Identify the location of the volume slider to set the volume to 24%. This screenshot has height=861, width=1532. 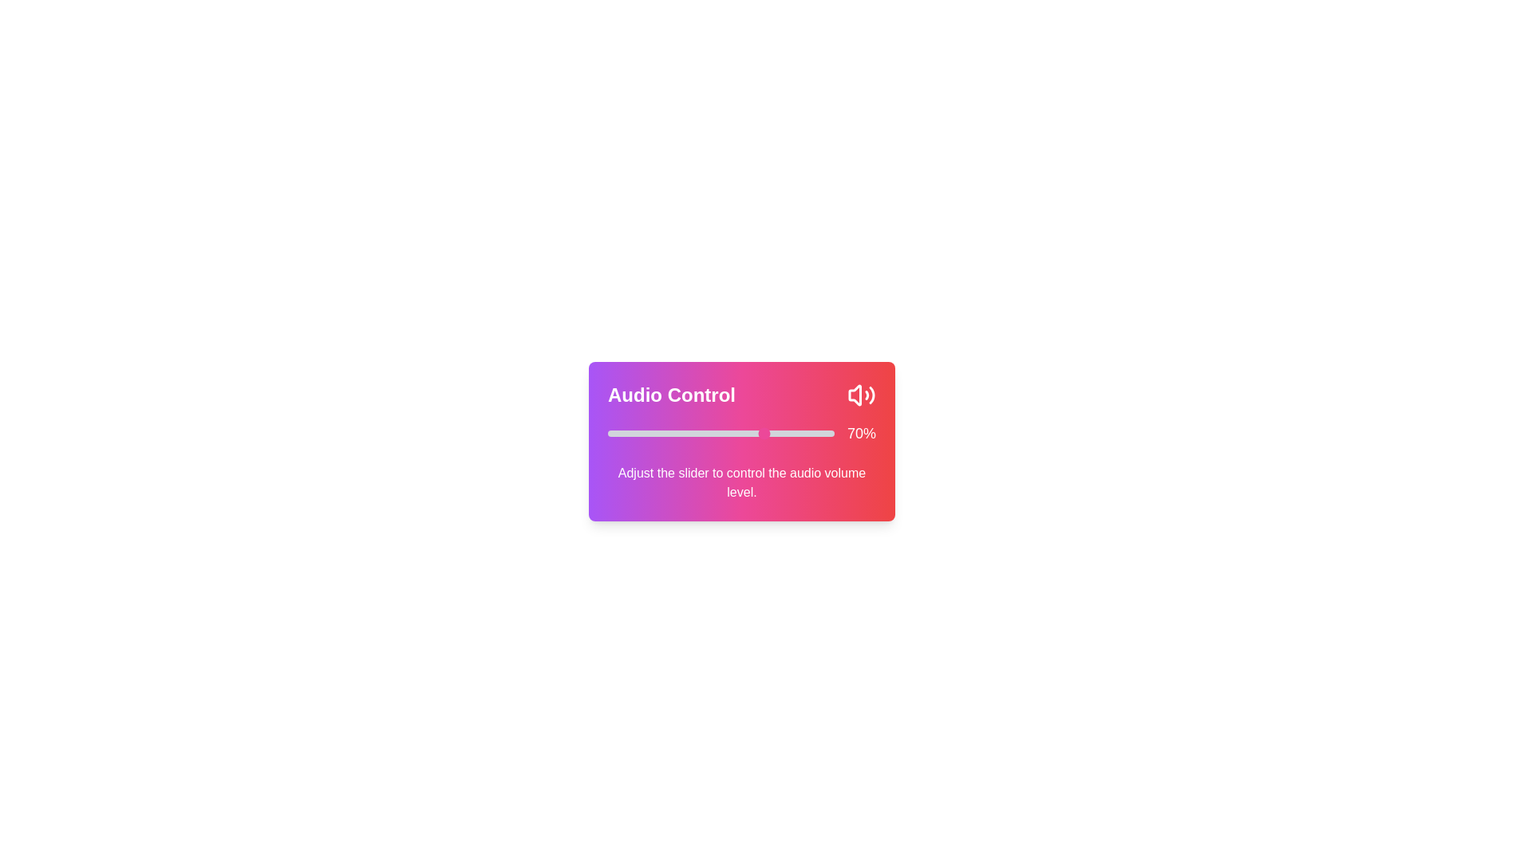
(662, 433).